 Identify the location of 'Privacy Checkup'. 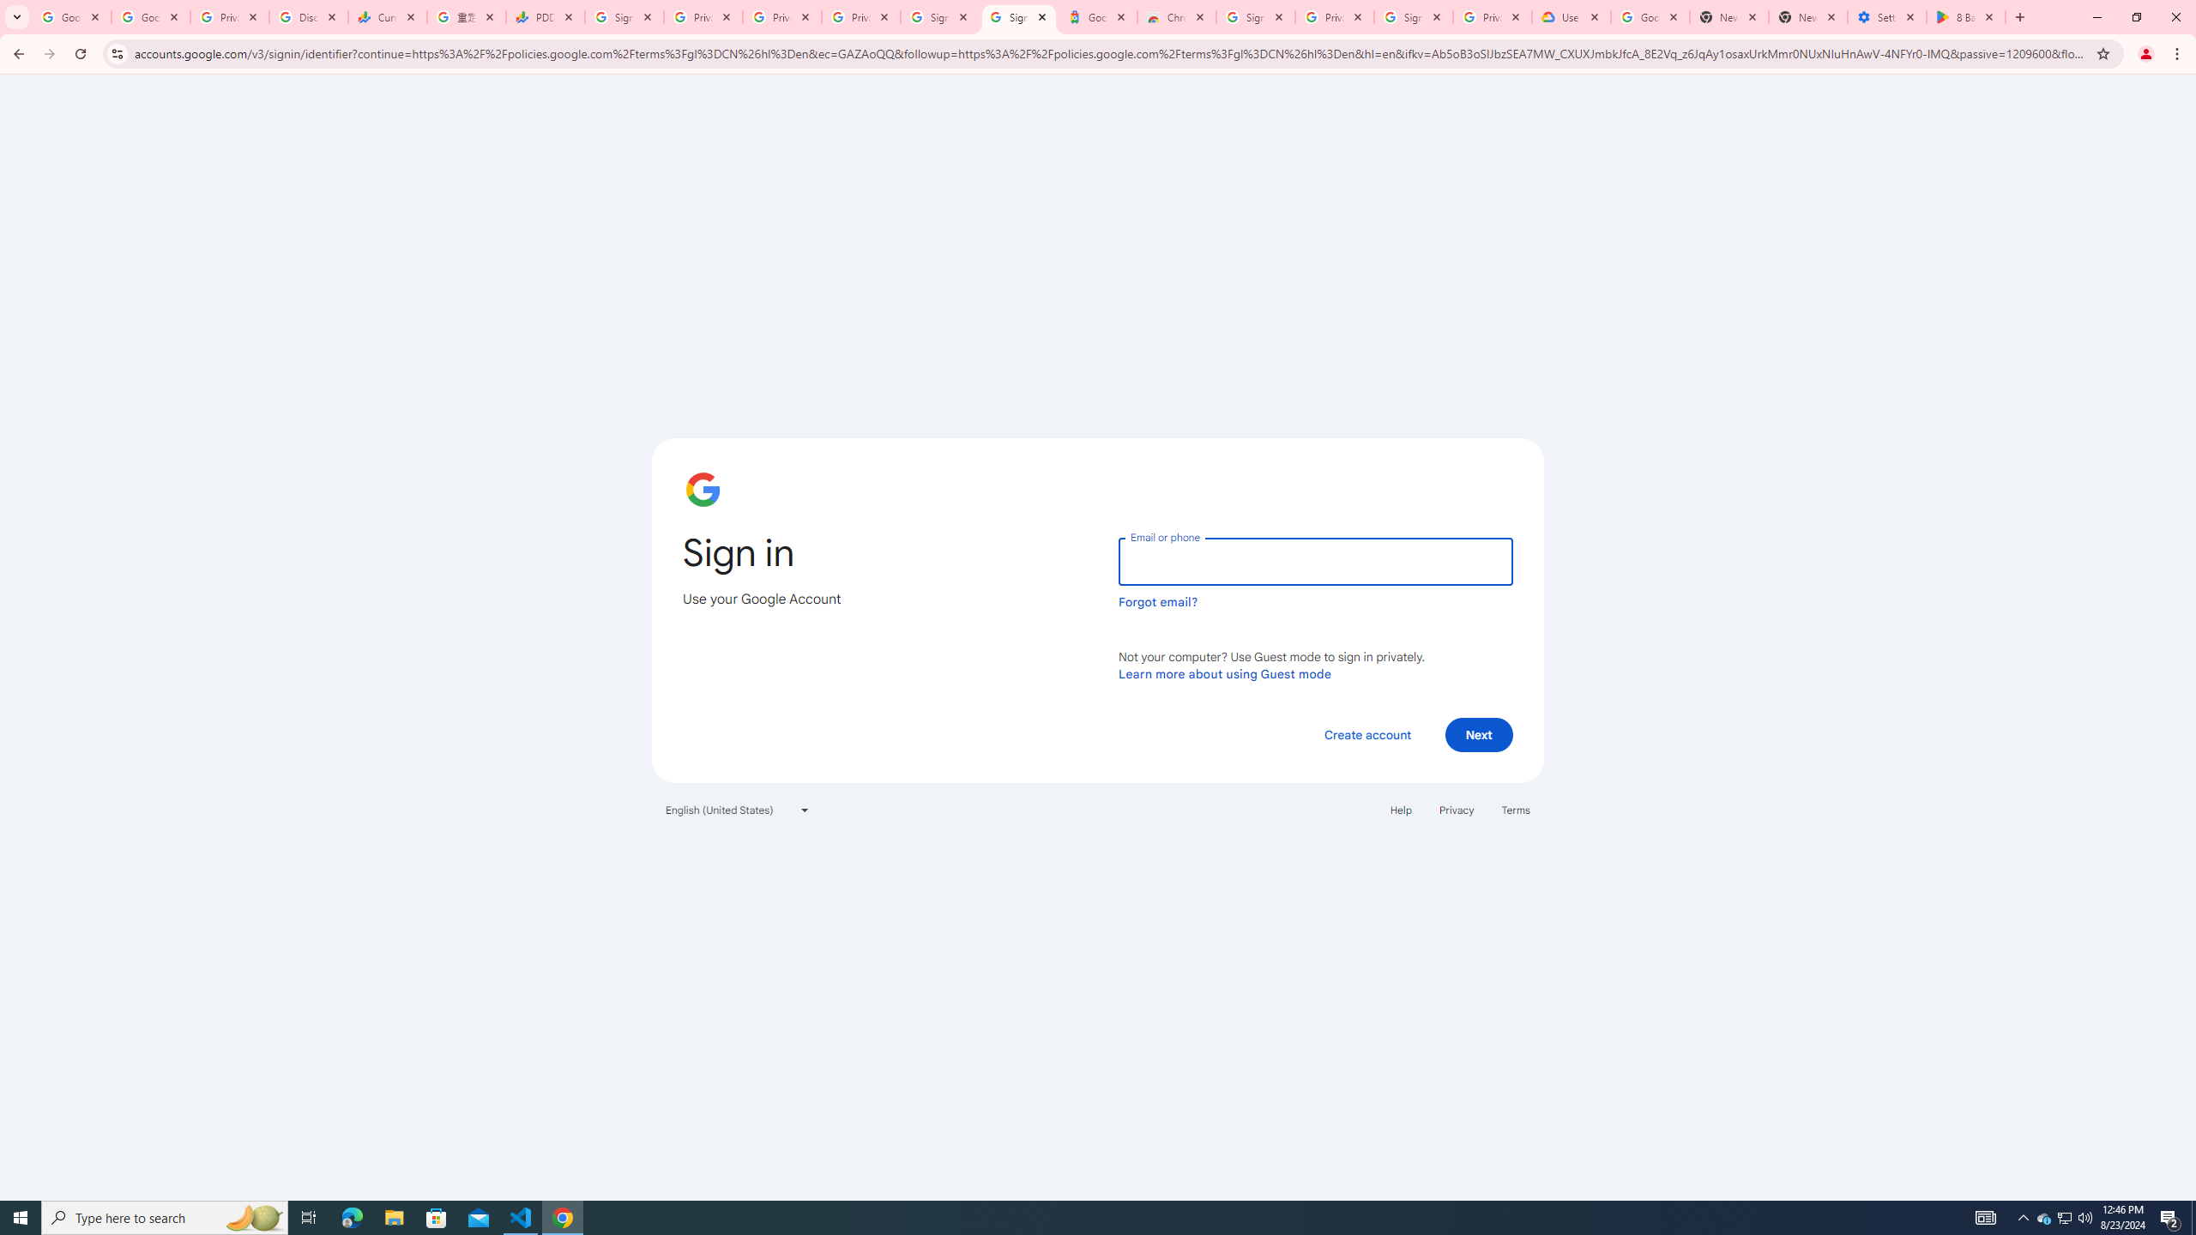
(782, 16).